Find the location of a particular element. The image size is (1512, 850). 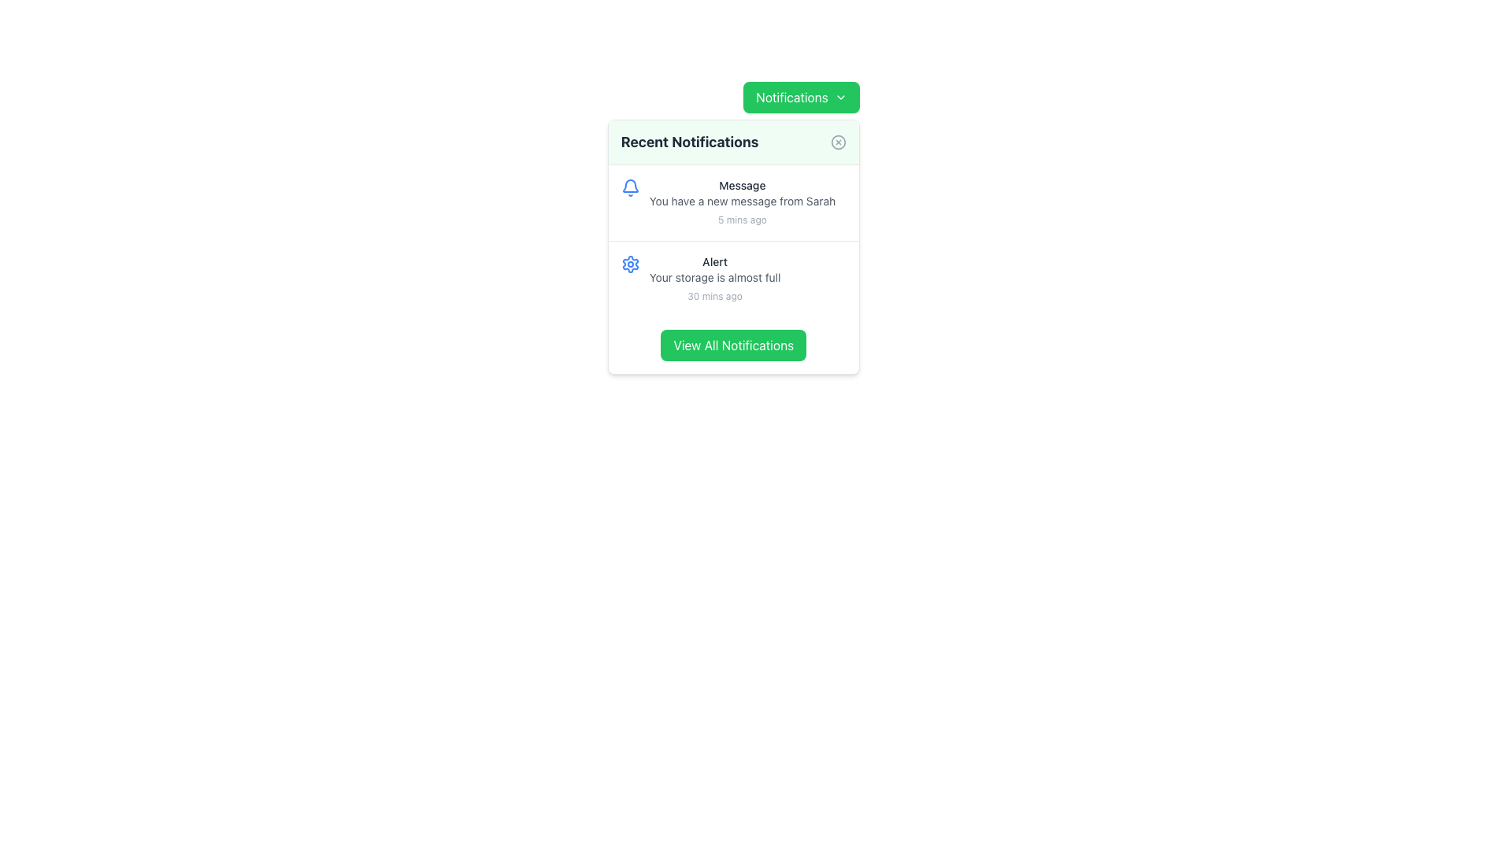

the blue bell-shaped icon representing notifications, located next to the text message area at the top-left corner of the first notification item is located at coordinates (630, 187).